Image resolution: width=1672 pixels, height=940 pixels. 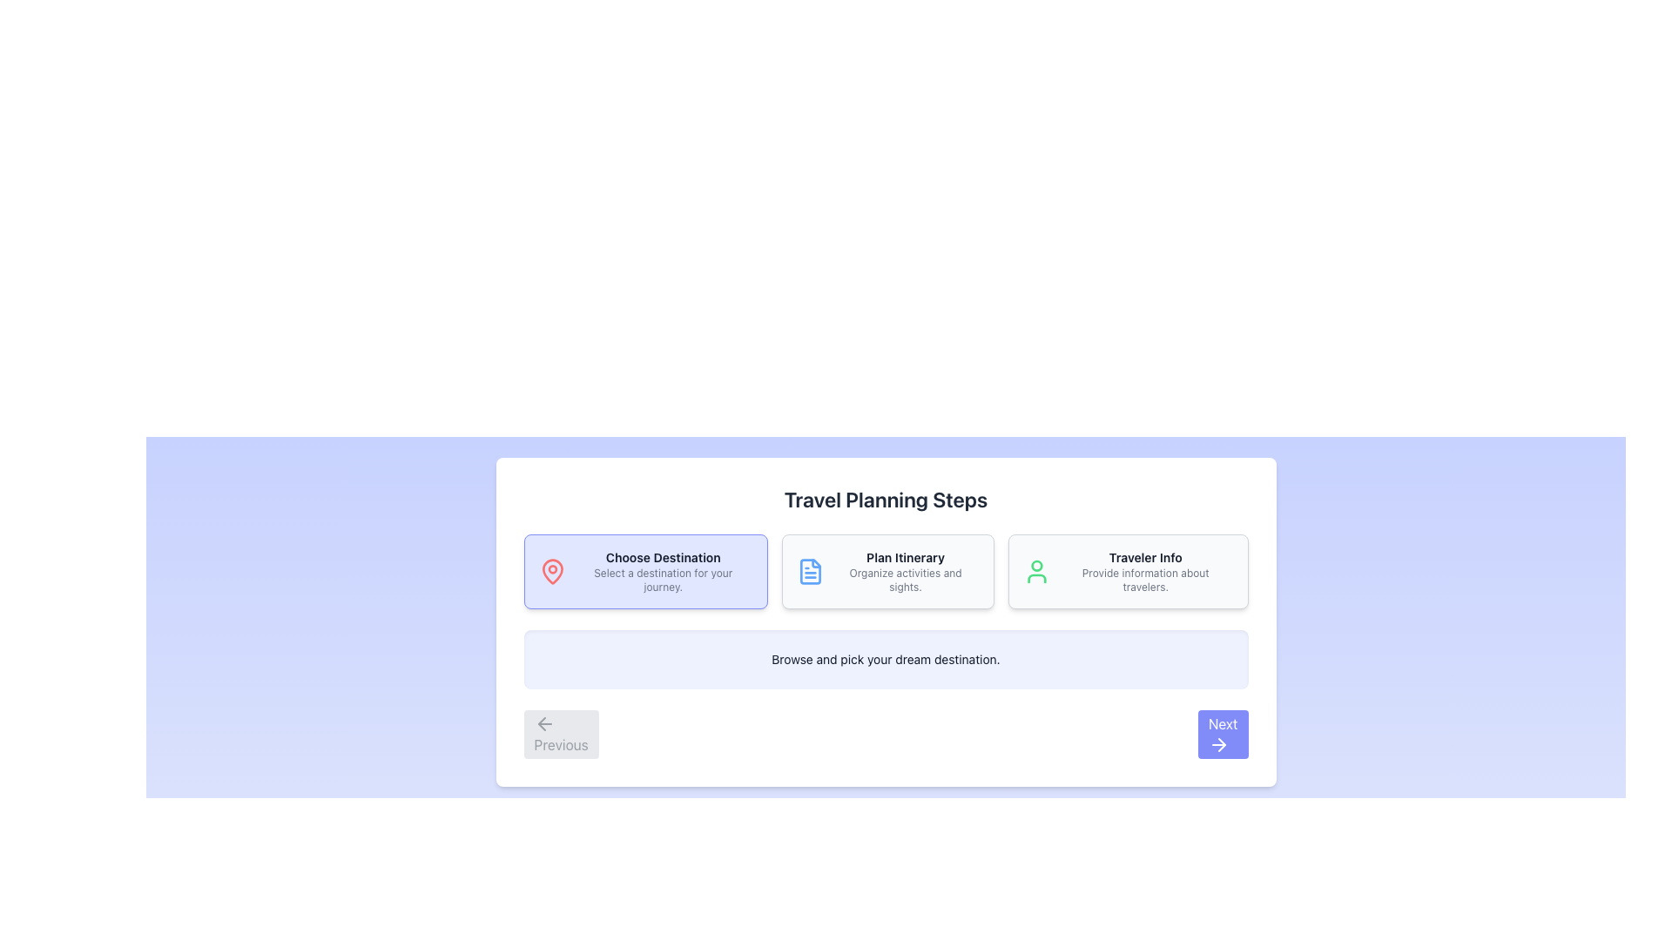 I want to click on the text label displaying 'Select a destination for your journey.' located below the heading 'Choose Destination' in the Travel Planning Steps section, so click(x=662, y=581).